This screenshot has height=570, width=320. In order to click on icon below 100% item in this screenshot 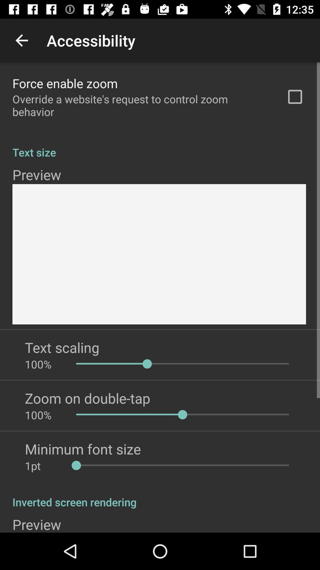, I will do `click(87, 398)`.